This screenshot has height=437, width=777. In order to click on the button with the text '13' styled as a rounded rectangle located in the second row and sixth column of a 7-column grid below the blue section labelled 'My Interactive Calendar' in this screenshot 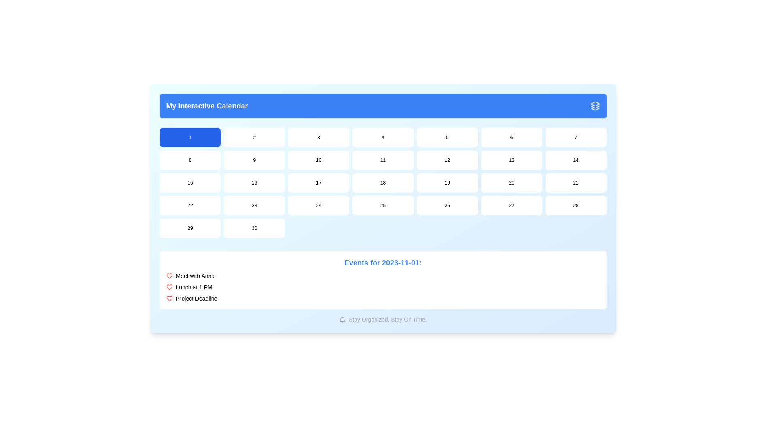, I will do `click(511, 160)`.